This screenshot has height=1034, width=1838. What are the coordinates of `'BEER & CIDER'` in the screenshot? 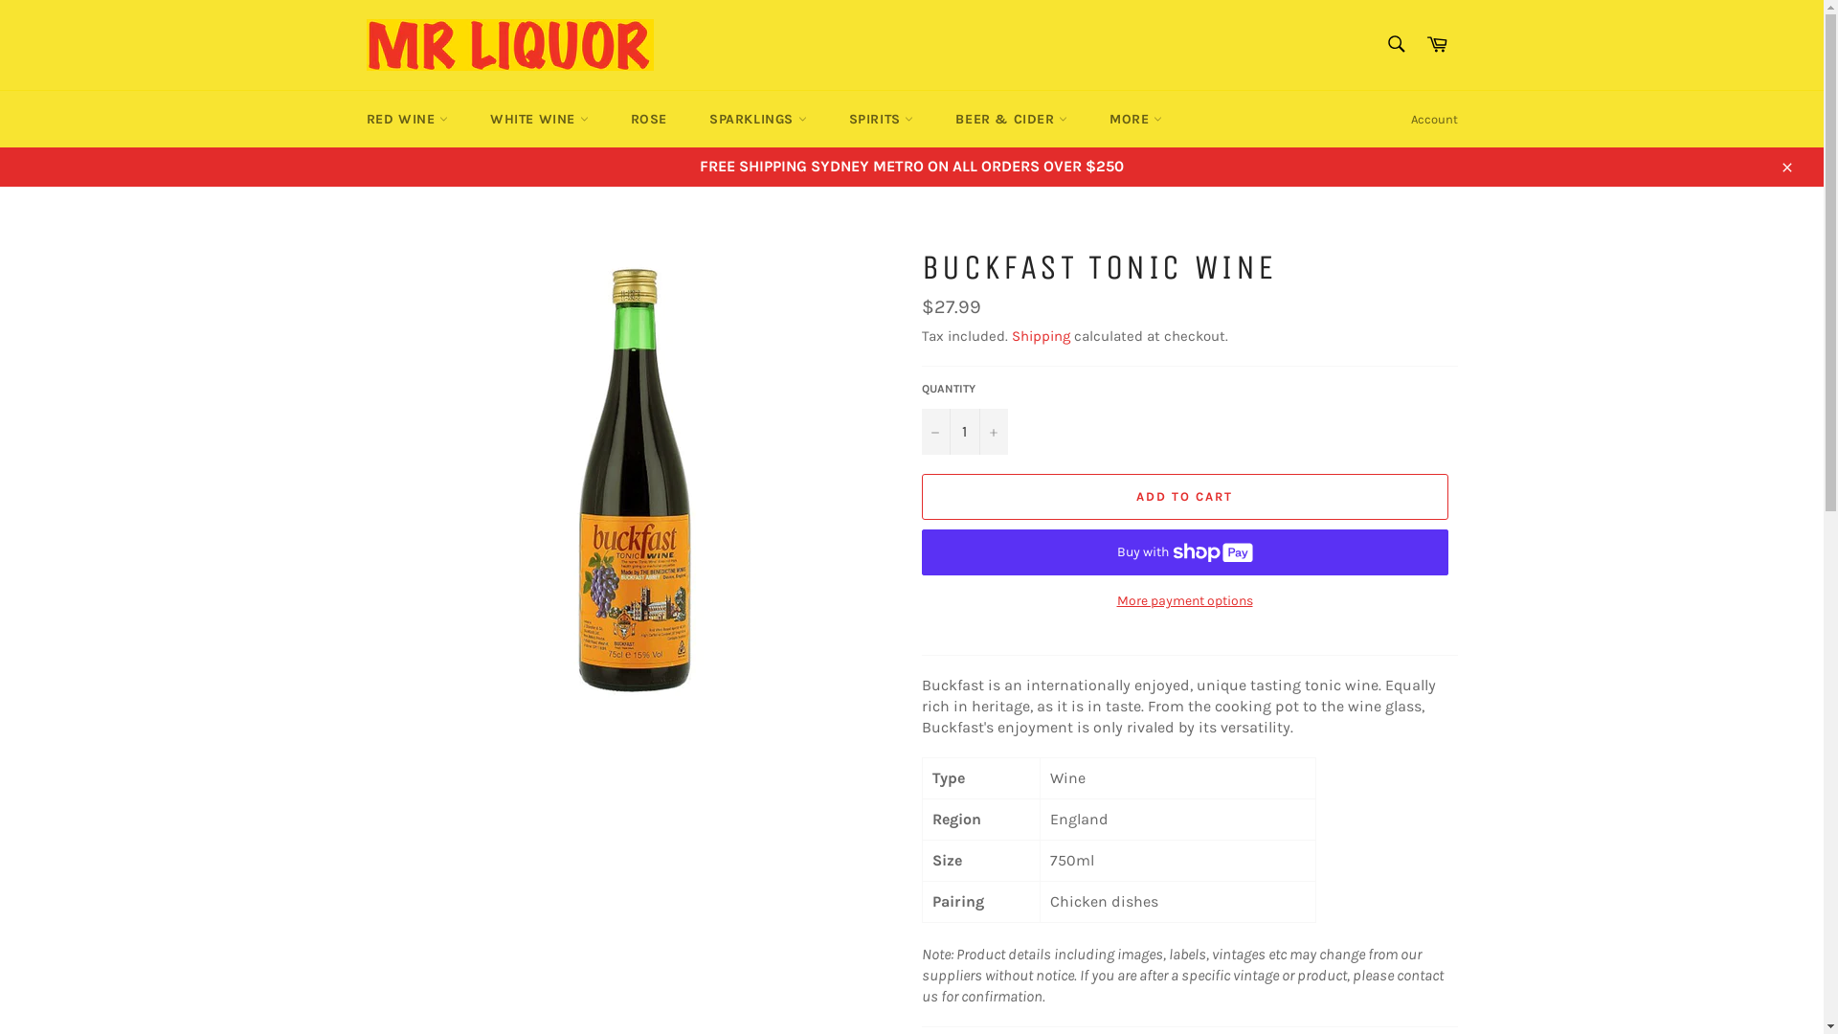 It's located at (1010, 119).